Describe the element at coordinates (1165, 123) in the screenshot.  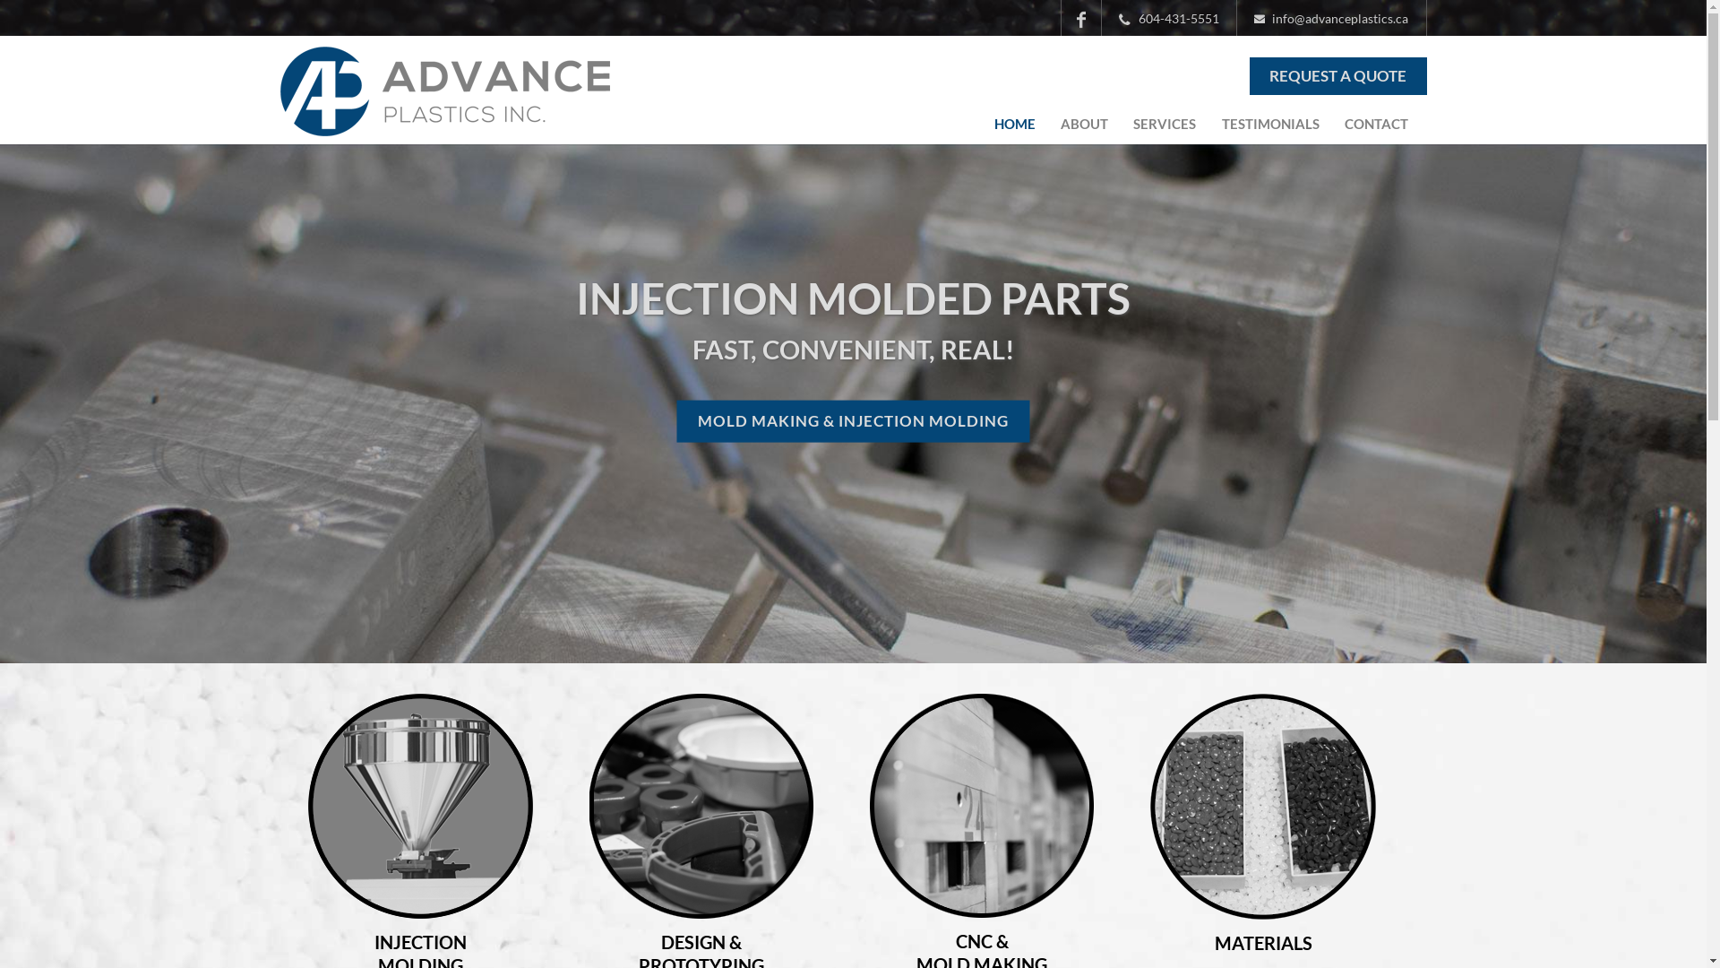
I see `'SERVICES'` at that location.